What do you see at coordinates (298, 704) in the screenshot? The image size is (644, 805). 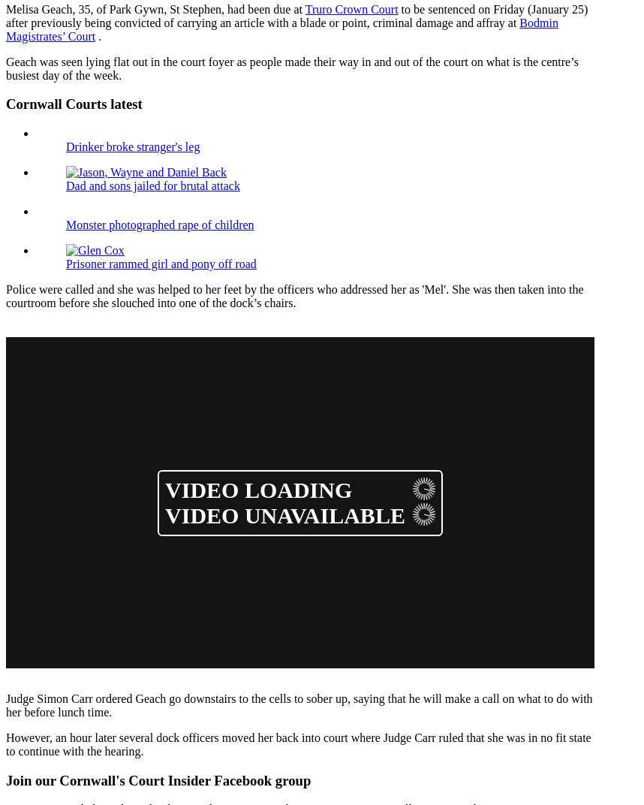 I see `'Judge Simon Carr ordered Geach go downstairs to the cells to sober up, saying that he will make a call on what to do with her before lunch time.'` at bounding box center [298, 704].